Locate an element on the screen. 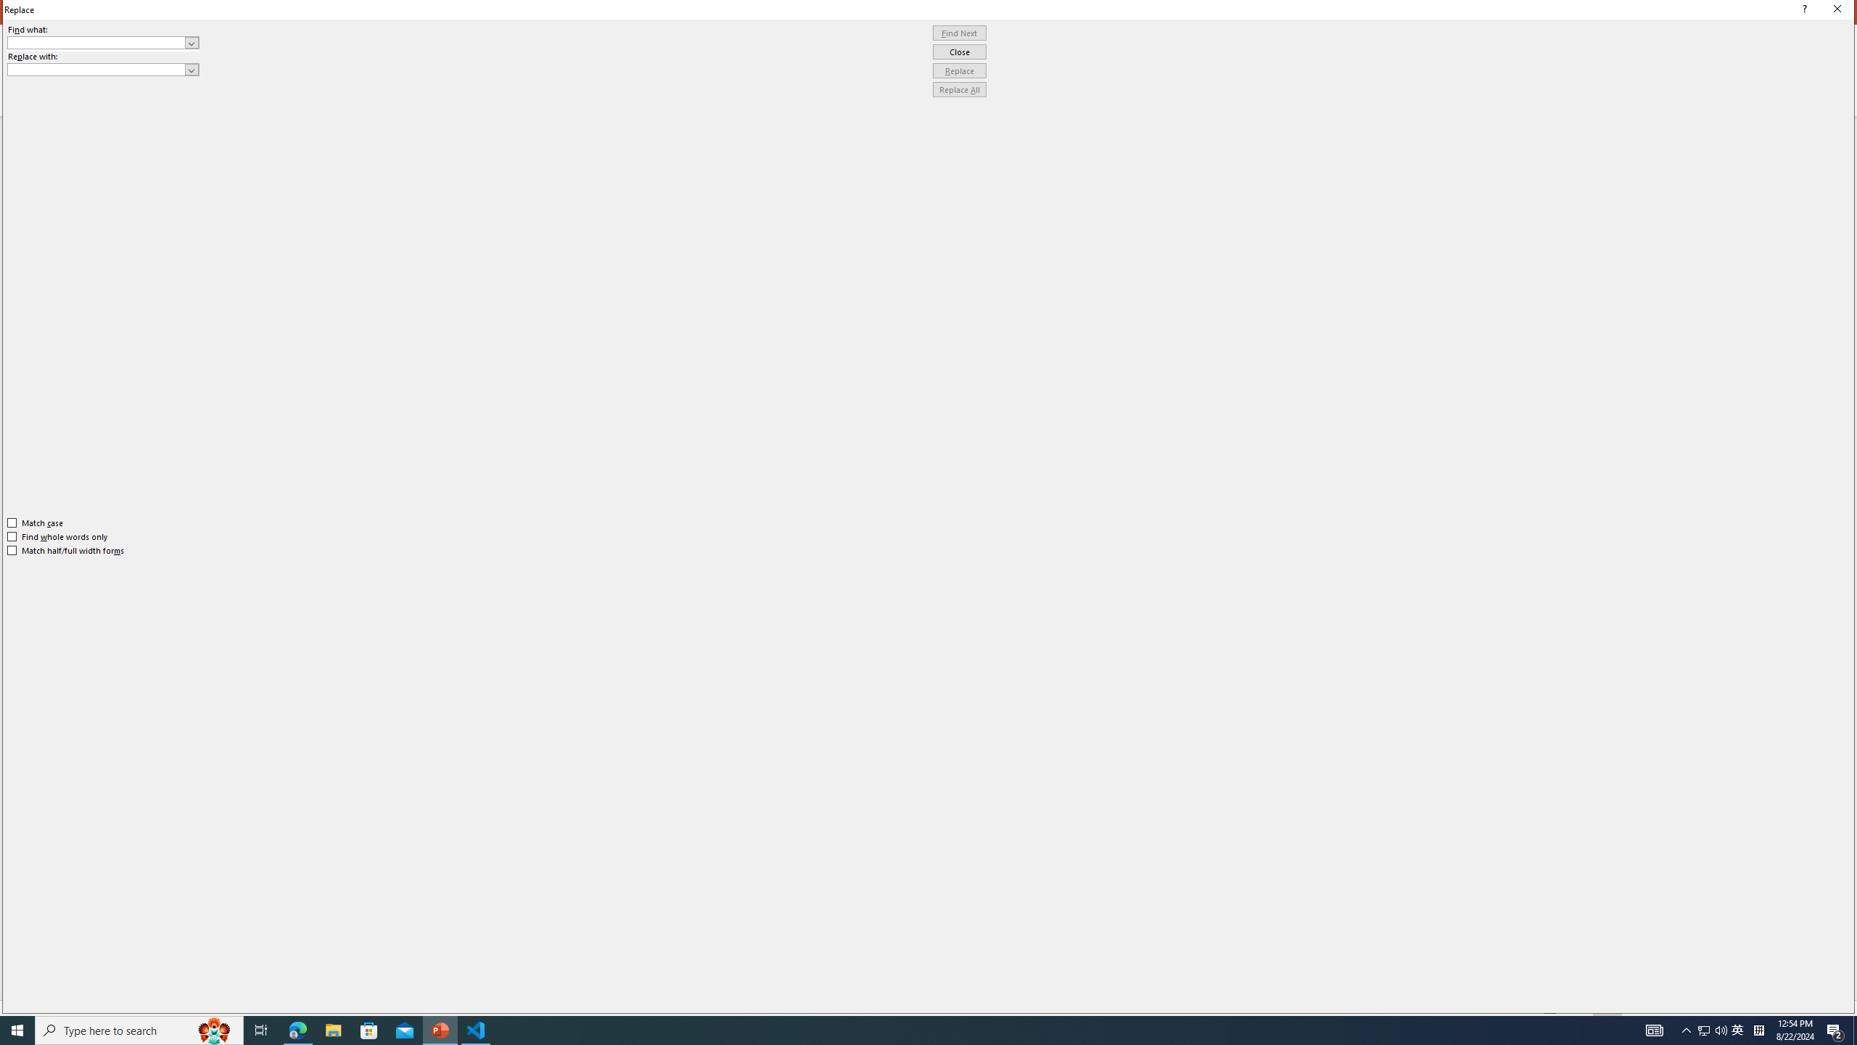  'Context help' is located at coordinates (1802, 11).